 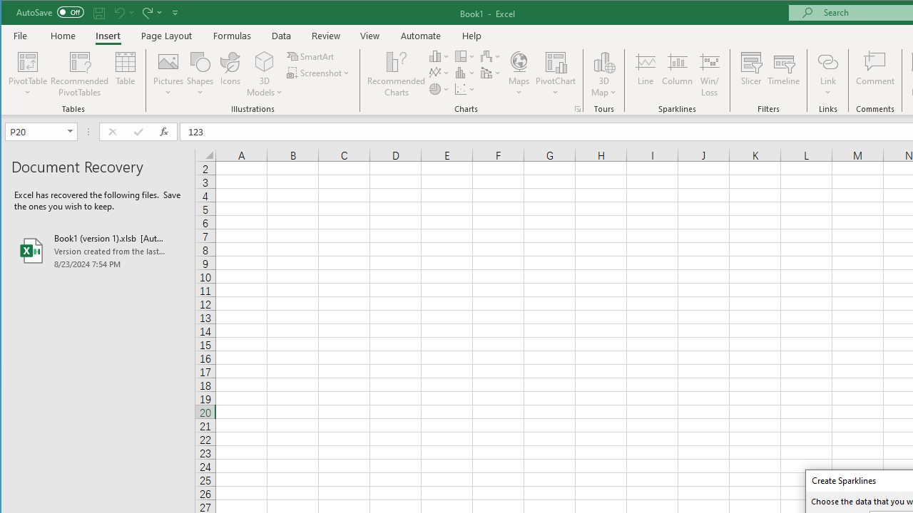 What do you see at coordinates (98, 12) in the screenshot?
I see `'Save'` at bounding box center [98, 12].